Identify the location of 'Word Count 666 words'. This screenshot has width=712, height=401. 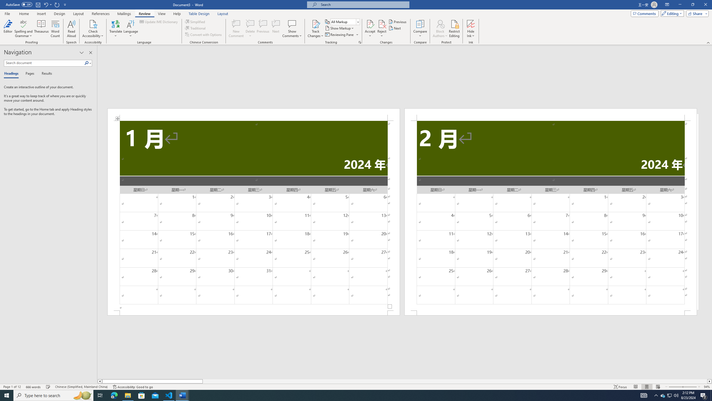
(34, 387).